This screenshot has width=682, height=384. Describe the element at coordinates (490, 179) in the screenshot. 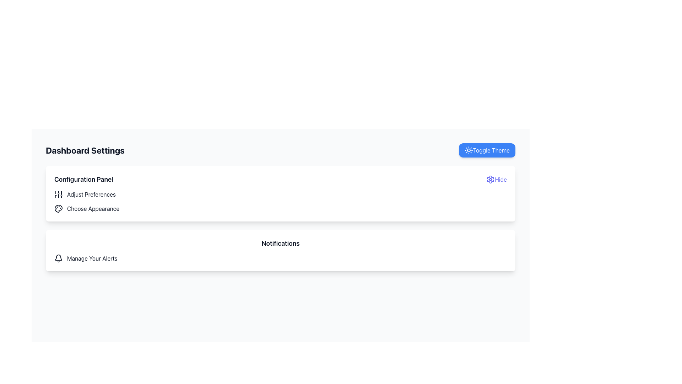

I see `the gear-shaped icon in the top right corner of the interface, which is part of a group containing a gear-shaped icon and a central circle, intended` at that location.